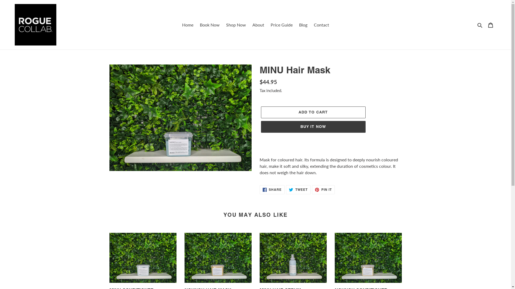 This screenshot has height=289, width=515. What do you see at coordinates (260, 127) in the screenshot?
I see `'BUY IT NOW'` at bounding box center [260, 127].